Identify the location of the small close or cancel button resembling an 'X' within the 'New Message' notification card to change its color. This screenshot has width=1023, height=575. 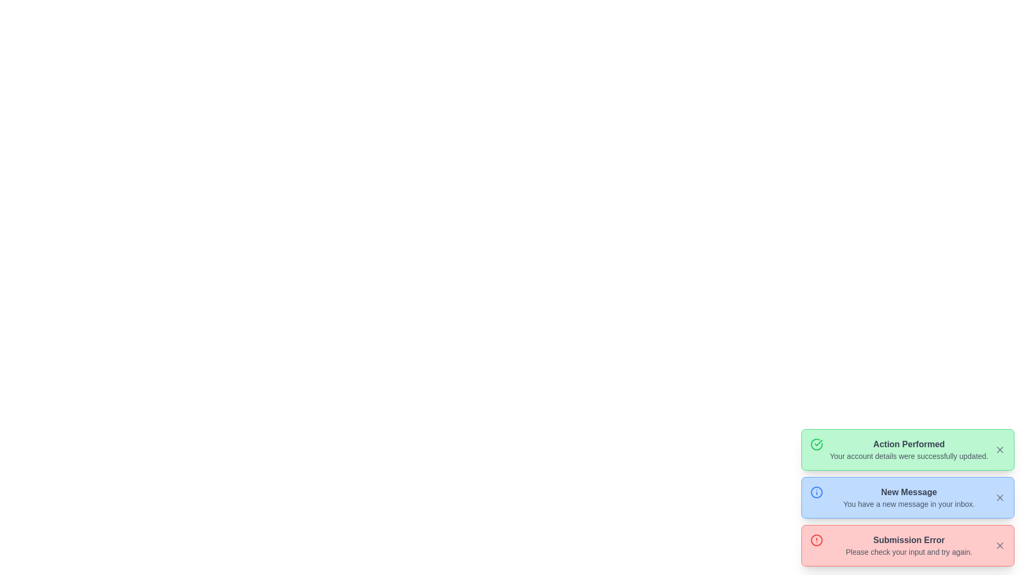
(999, 497).